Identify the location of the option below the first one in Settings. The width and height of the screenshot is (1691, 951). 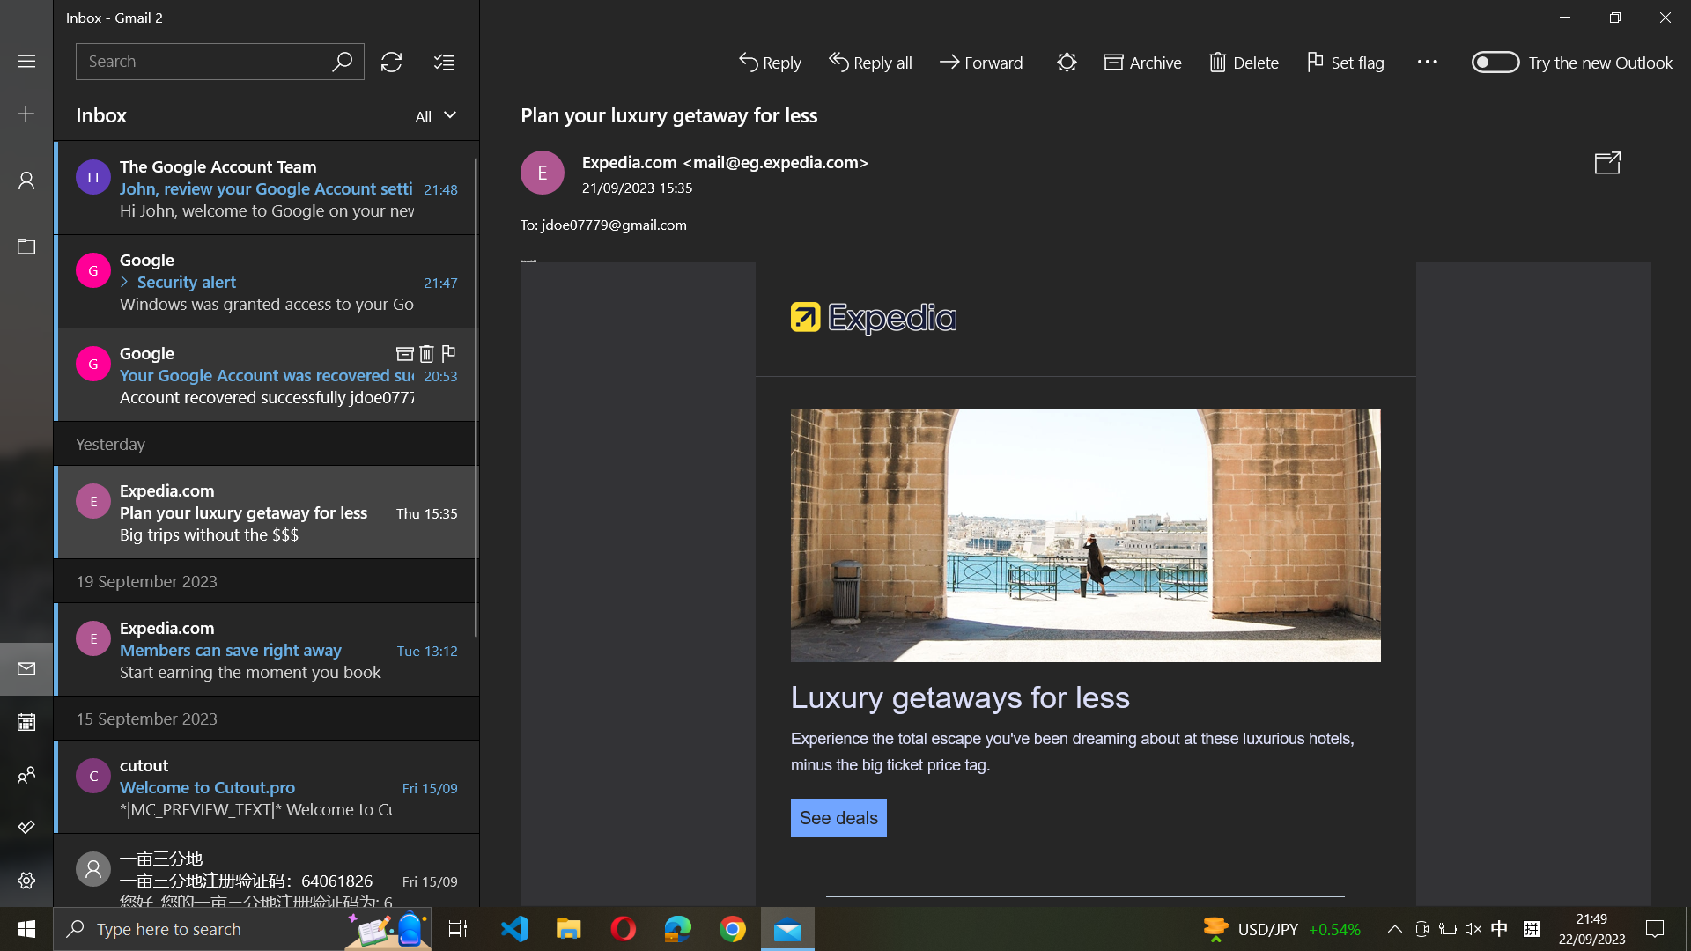
(26, 882).